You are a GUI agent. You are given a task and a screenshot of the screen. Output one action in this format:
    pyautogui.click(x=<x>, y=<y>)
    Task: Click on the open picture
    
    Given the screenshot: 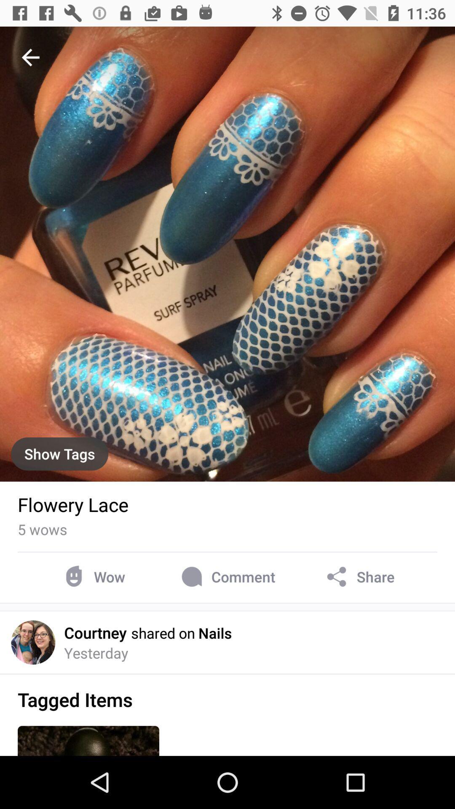 What is the action you would take?
    pyautogui.click(x=227, y=254)
    